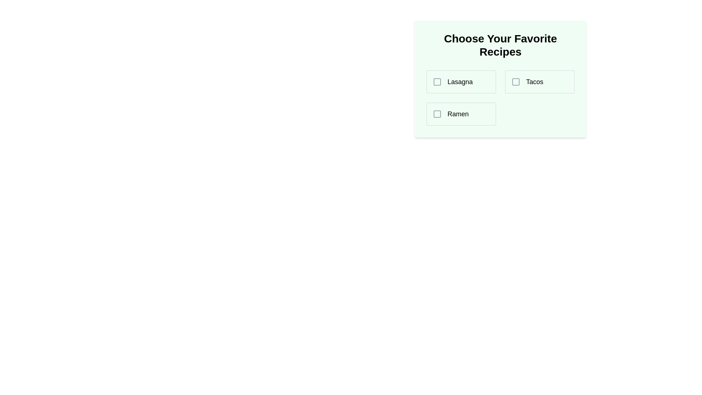 Image resolution: width=702 pixels, height=395 pixels. What do you see at coordinates (437, 114) in the screenshot?
I see `the indicator within the checkbox associated with the text 'Ramen'` at bounding box center [437, 114].